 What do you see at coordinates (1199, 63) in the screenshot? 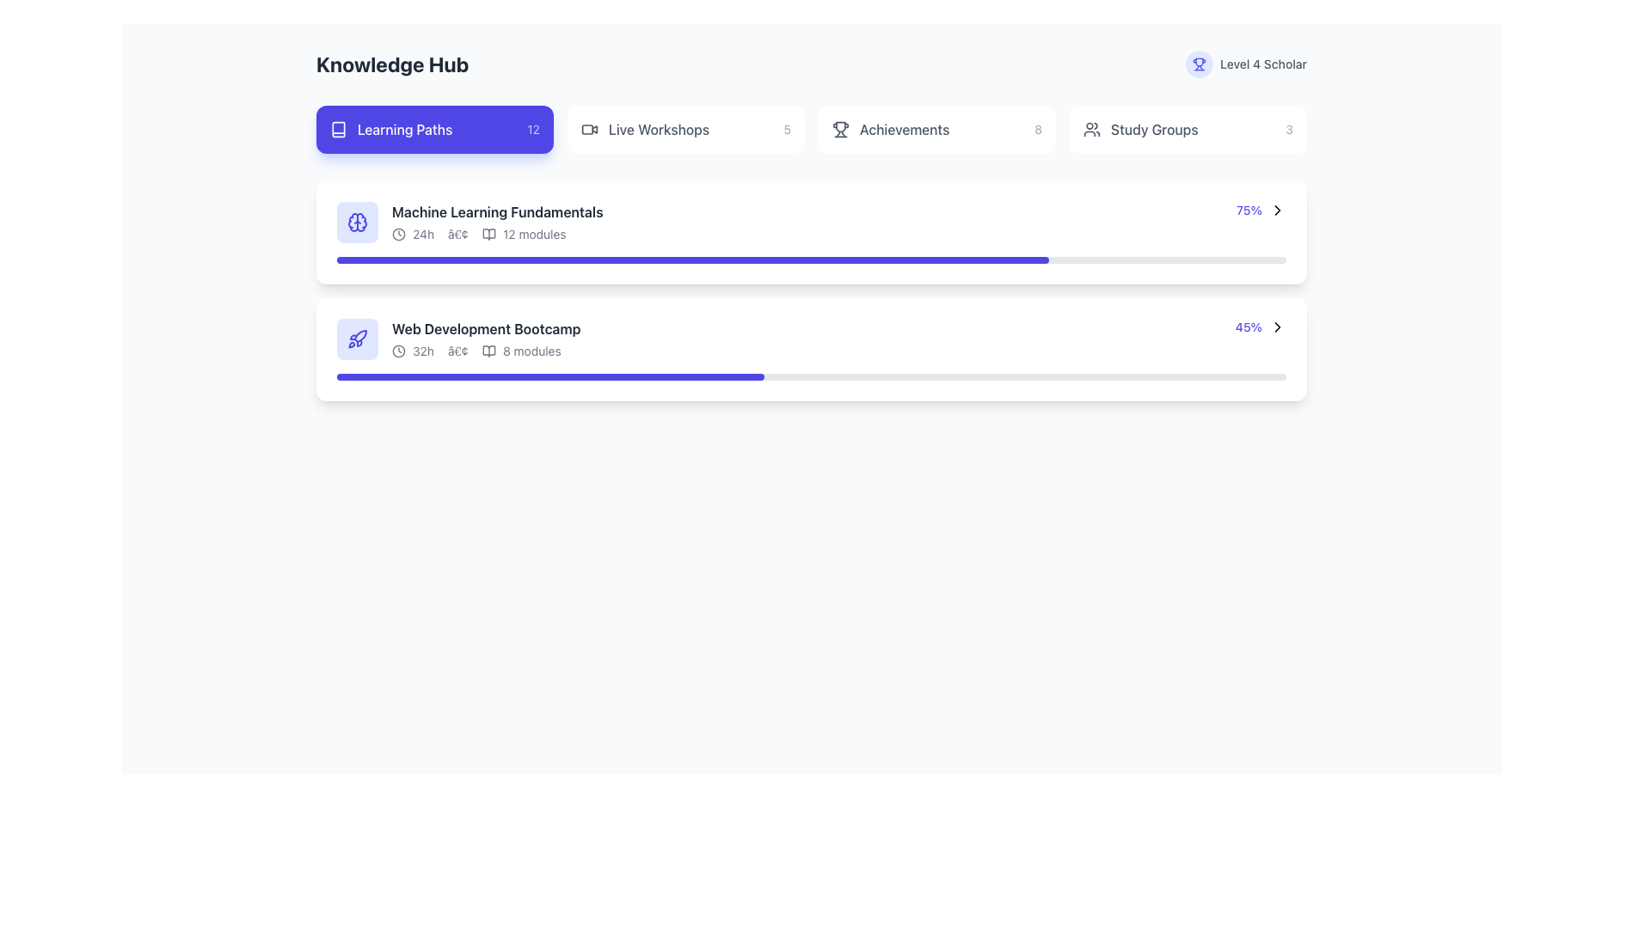
I see `the indigo trophy icon located in the top-right section of the UI, adjacent to the 'Level 4 Scholar' label` at bounding box center [1199, 63].